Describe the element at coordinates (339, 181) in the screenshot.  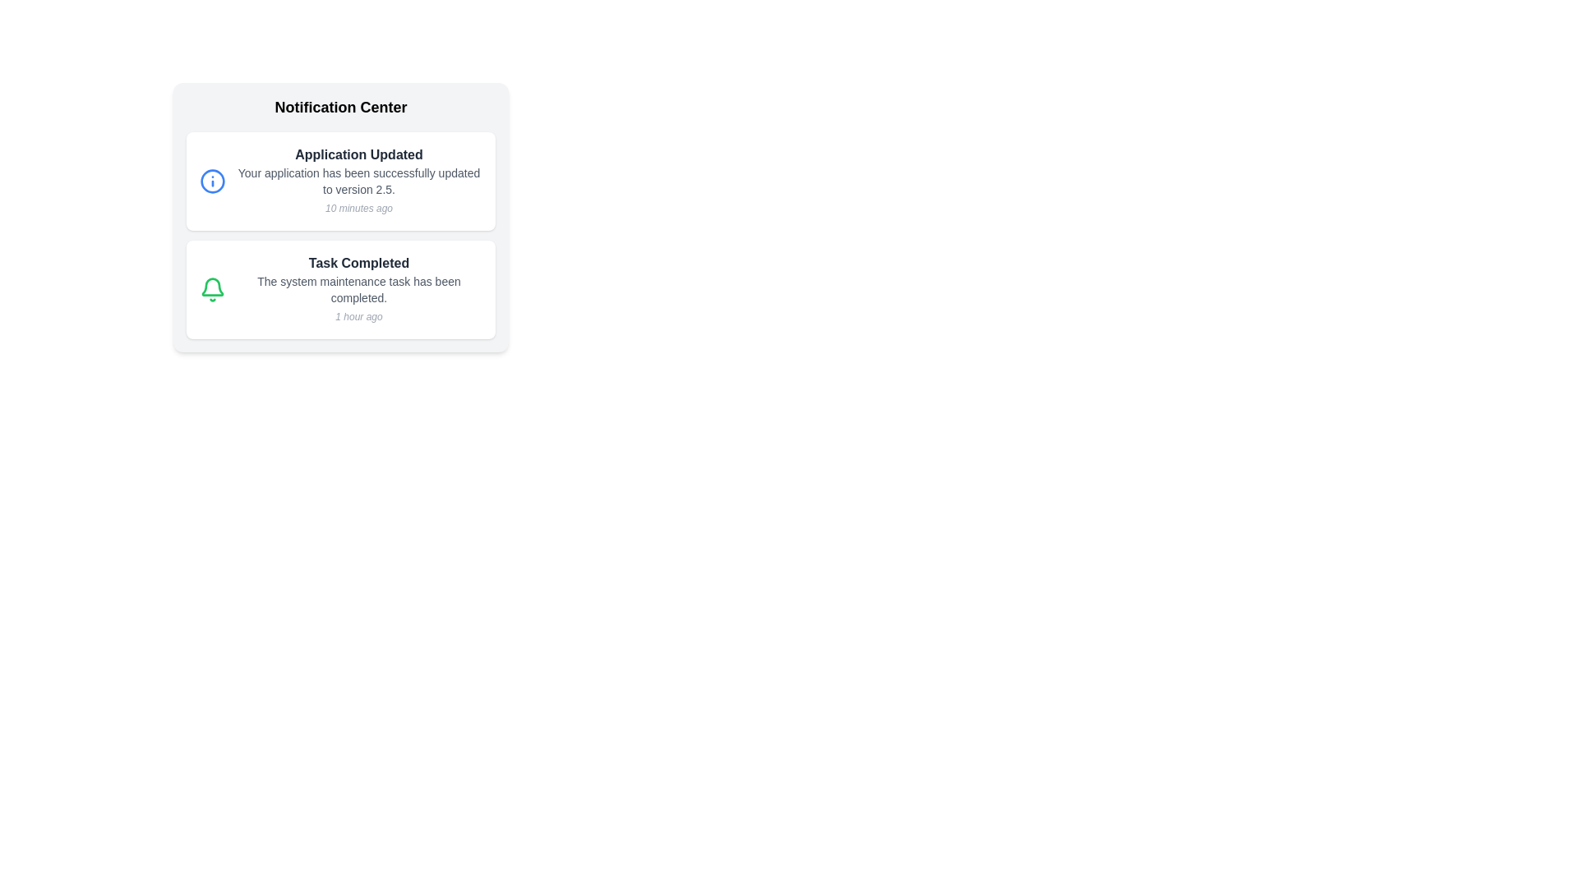
I see `the top notification item within the 'Notification Center' card, which provides information about an update action` at that location.